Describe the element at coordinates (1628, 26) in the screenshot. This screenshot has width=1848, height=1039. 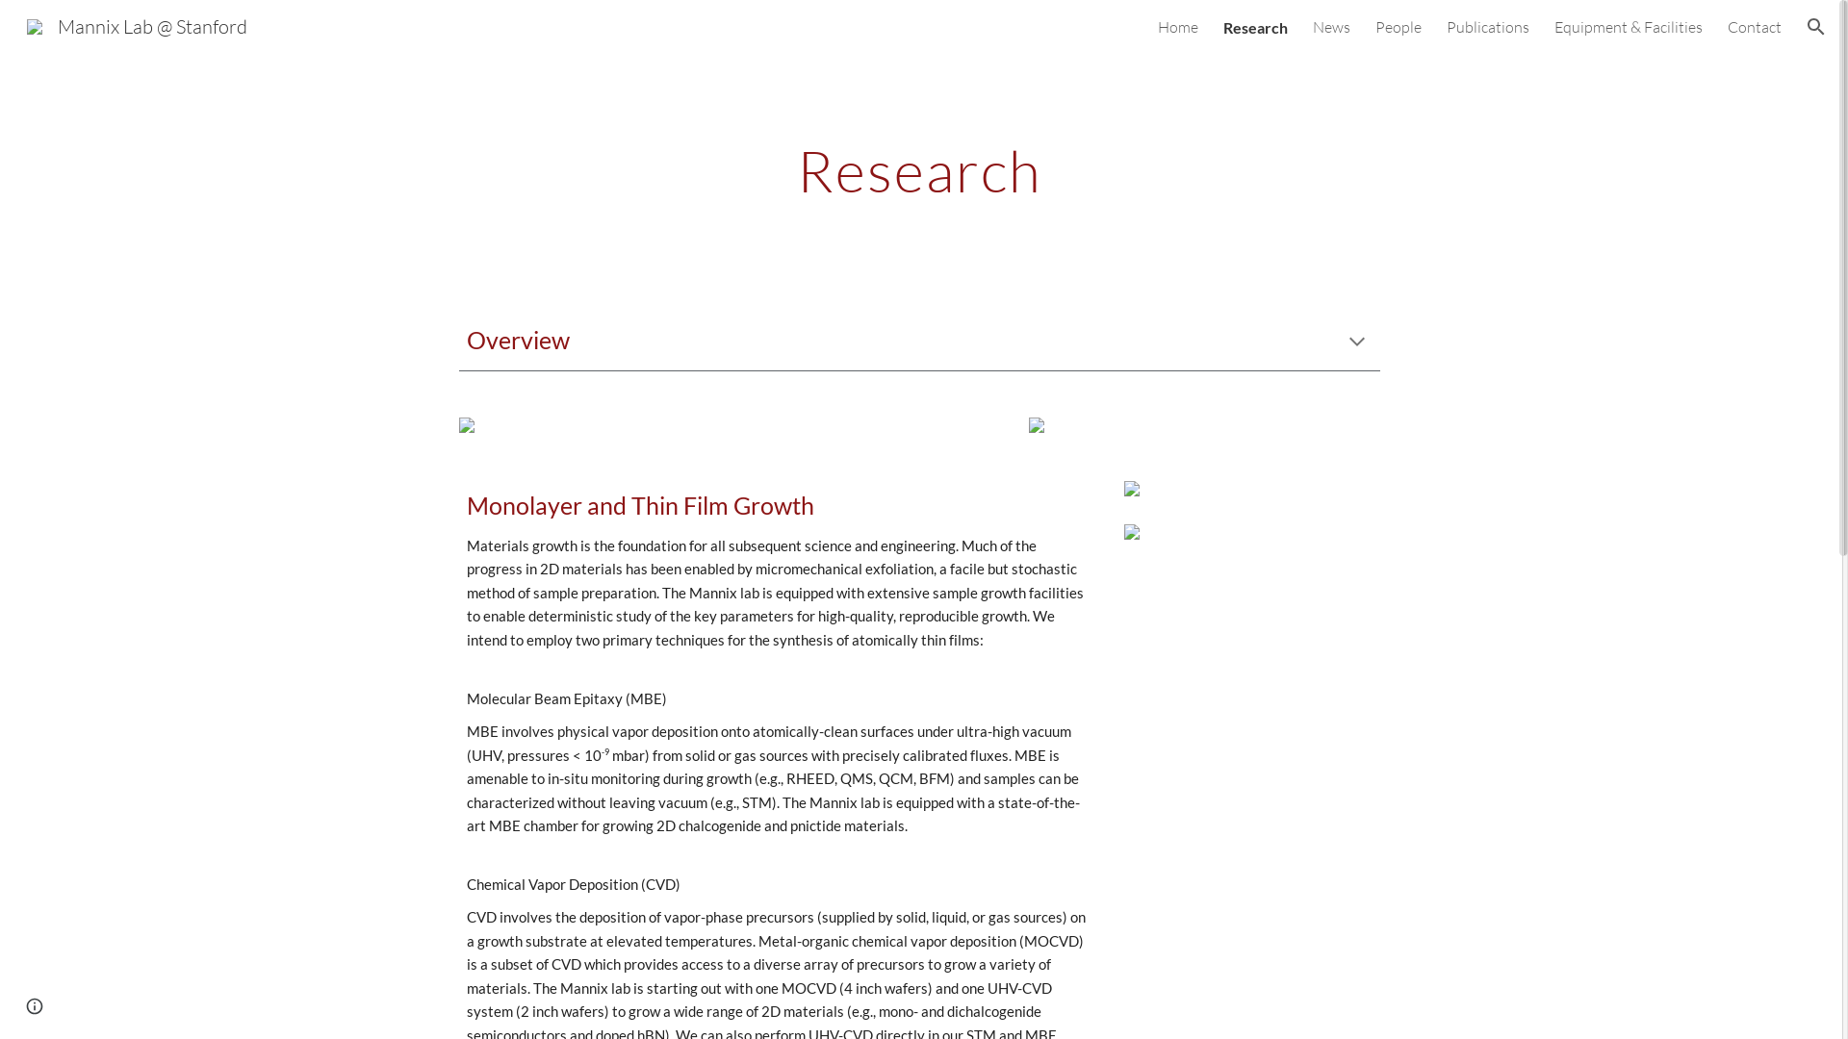
I see `'Equipment & Facilities'` at that location.